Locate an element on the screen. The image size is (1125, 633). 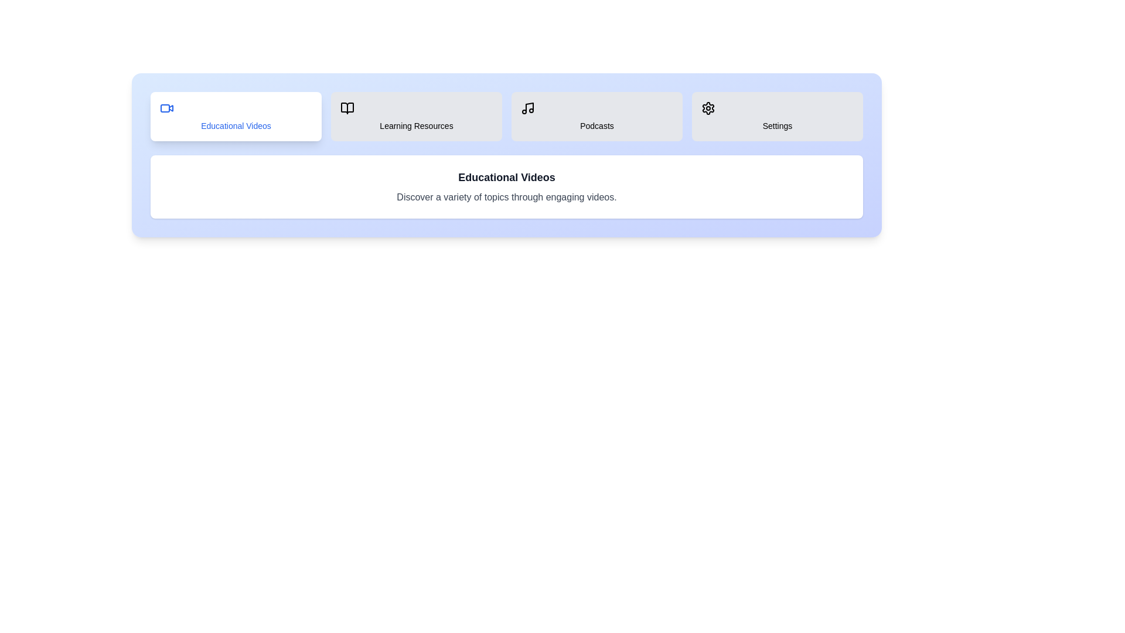
the 'Learning Resources' tab to see its visual feedback is located at coordinates (416, 117).